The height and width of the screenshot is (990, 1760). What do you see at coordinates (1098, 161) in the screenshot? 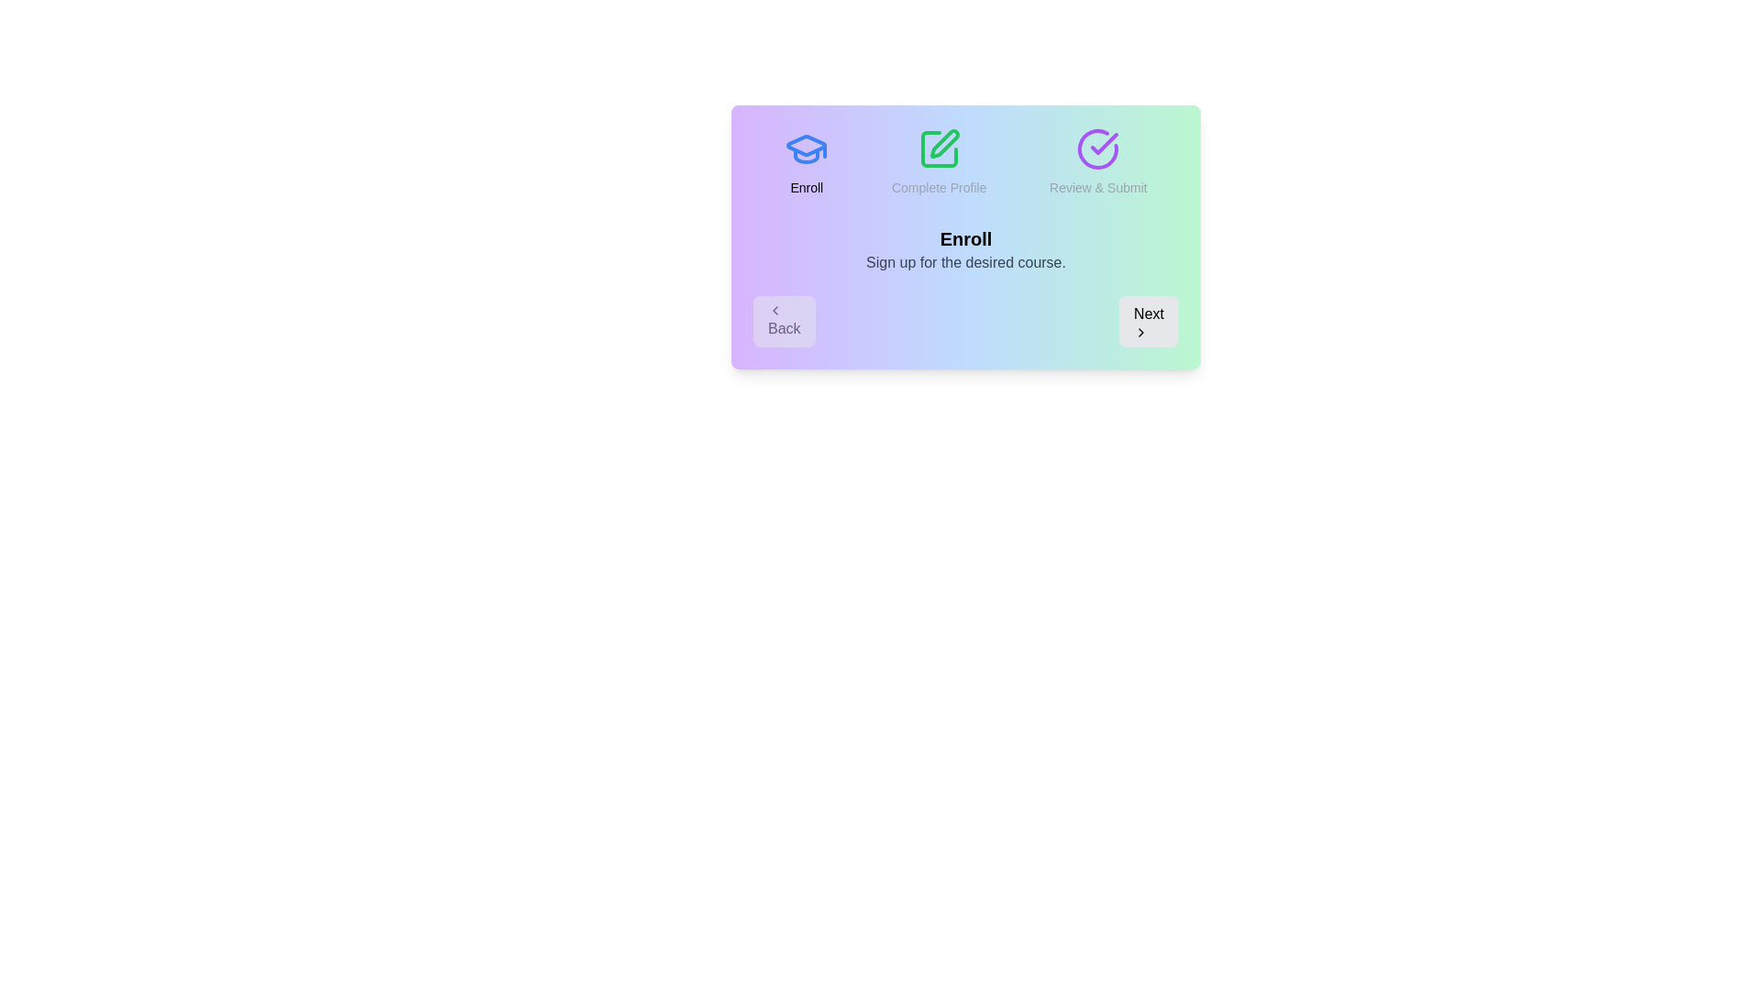
I see `the progress indicator for step Review & Submit to view its status` at bounding box center [1098, 161].